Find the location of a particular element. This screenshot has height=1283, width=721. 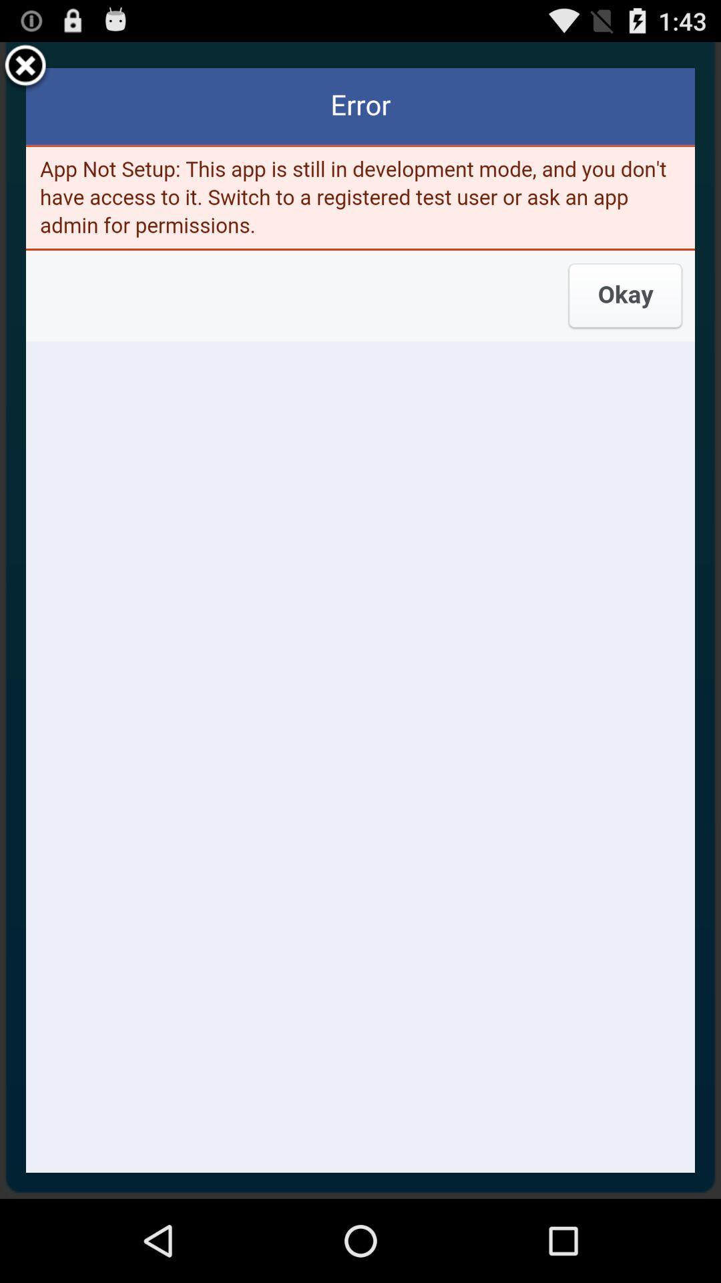

the close icon is located at coordinates (25, 72).